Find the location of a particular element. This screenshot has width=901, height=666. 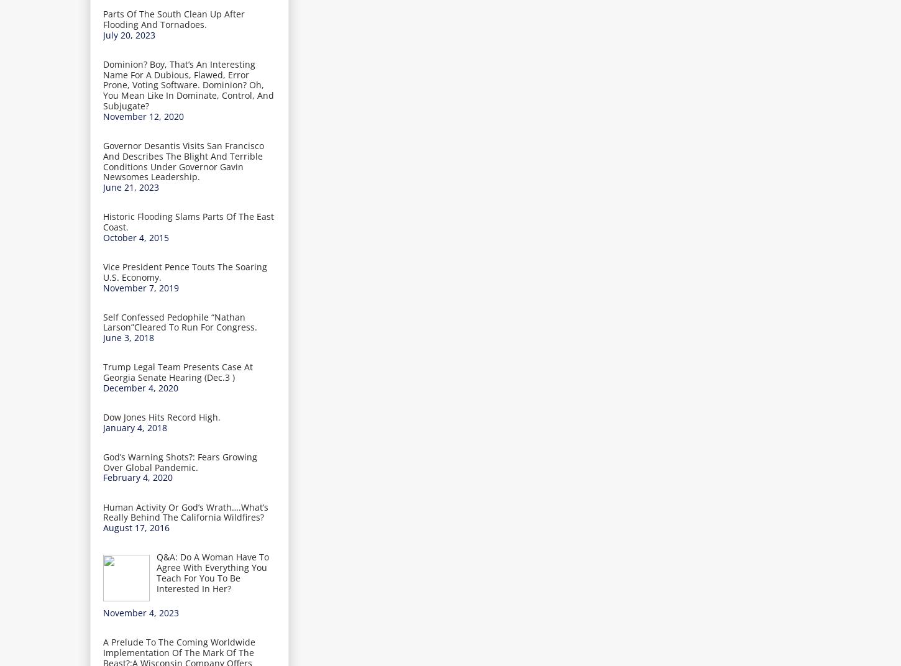

'June 3, 2018' is located at coordinates (128, 337).